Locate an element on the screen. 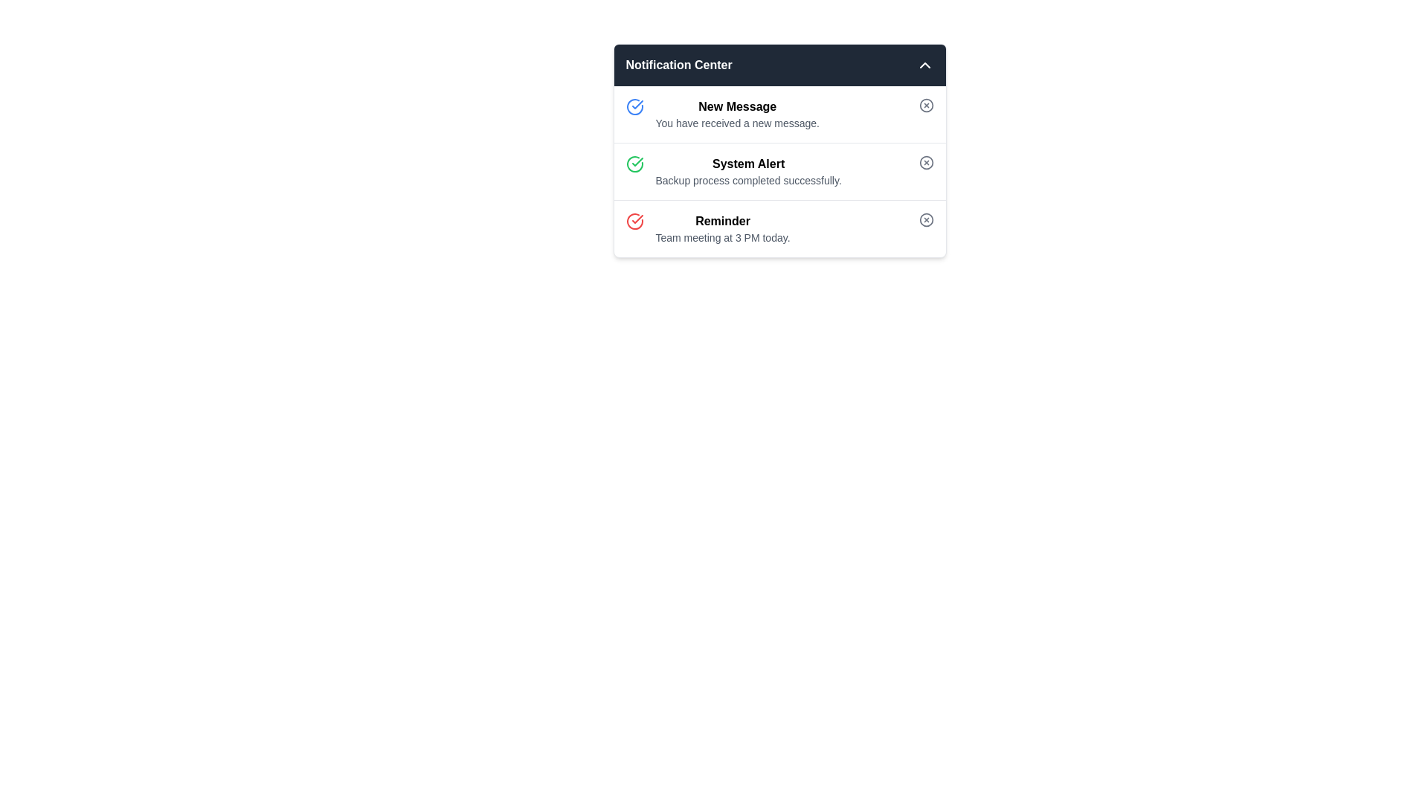 This screenshot has height=803, width=1428. the static text providing additional information for the 'New Message' notification, located directly below the bold text in the first notification item is located at coordinates (737, 122).